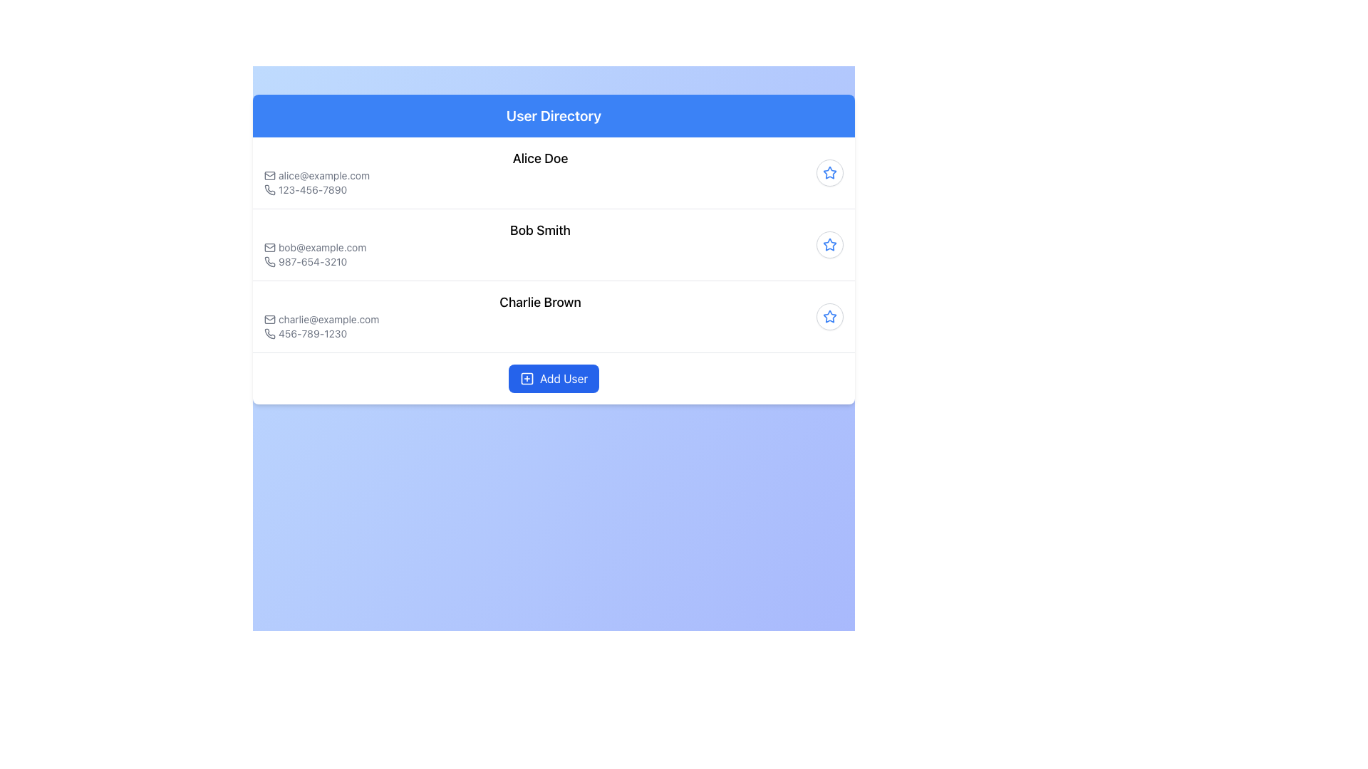 Image resolution: width=1368 pixels, height=769 pixels. Describe the element at coordinates (270, 246) in the screenshot. I see `the envelope icon in the User Directory adjacent to Bob Smith's email 'bob@example.com'` at that location.